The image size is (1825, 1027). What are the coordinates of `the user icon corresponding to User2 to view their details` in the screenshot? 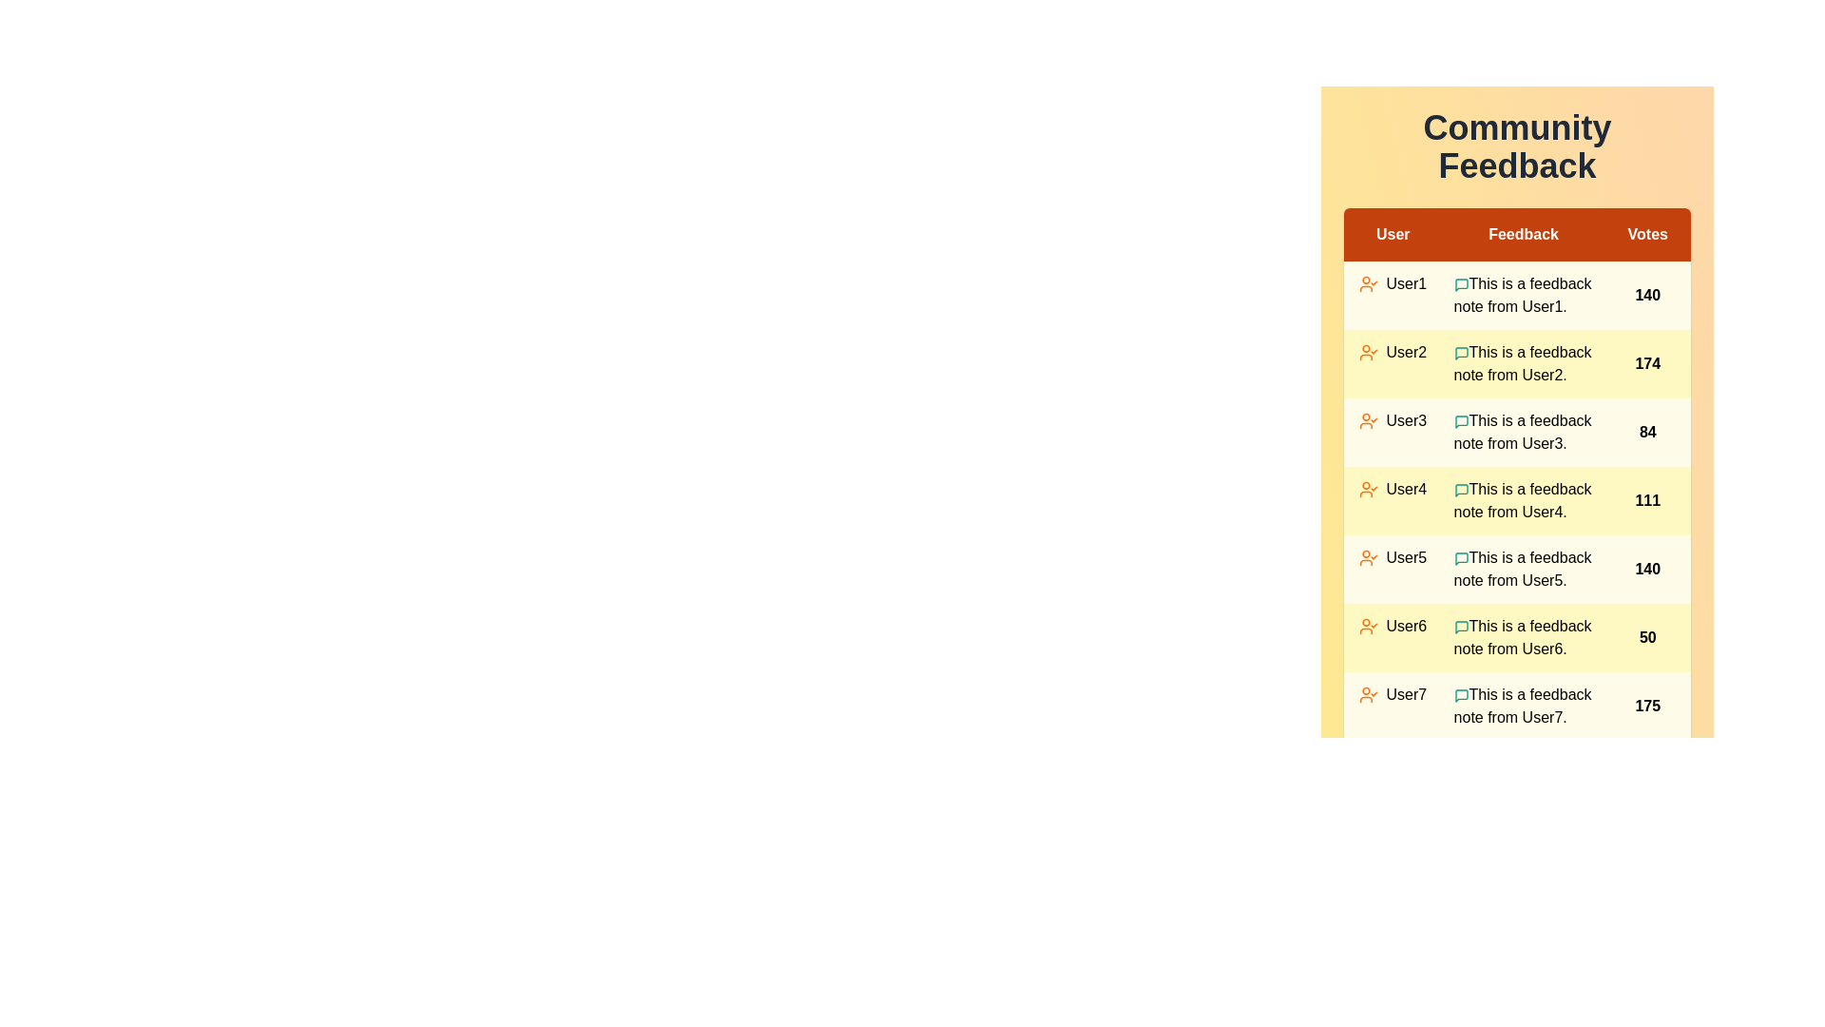 It's located at (1369, 352).